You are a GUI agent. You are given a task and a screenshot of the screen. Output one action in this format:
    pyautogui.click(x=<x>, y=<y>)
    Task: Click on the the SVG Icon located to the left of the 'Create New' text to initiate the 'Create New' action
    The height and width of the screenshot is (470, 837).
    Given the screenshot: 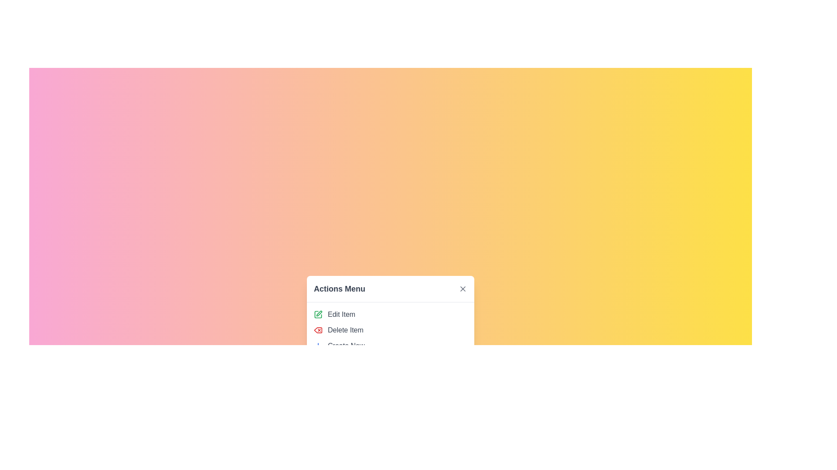 What is the action you would take?
    pyautogui.click(x=317, y=345)
    